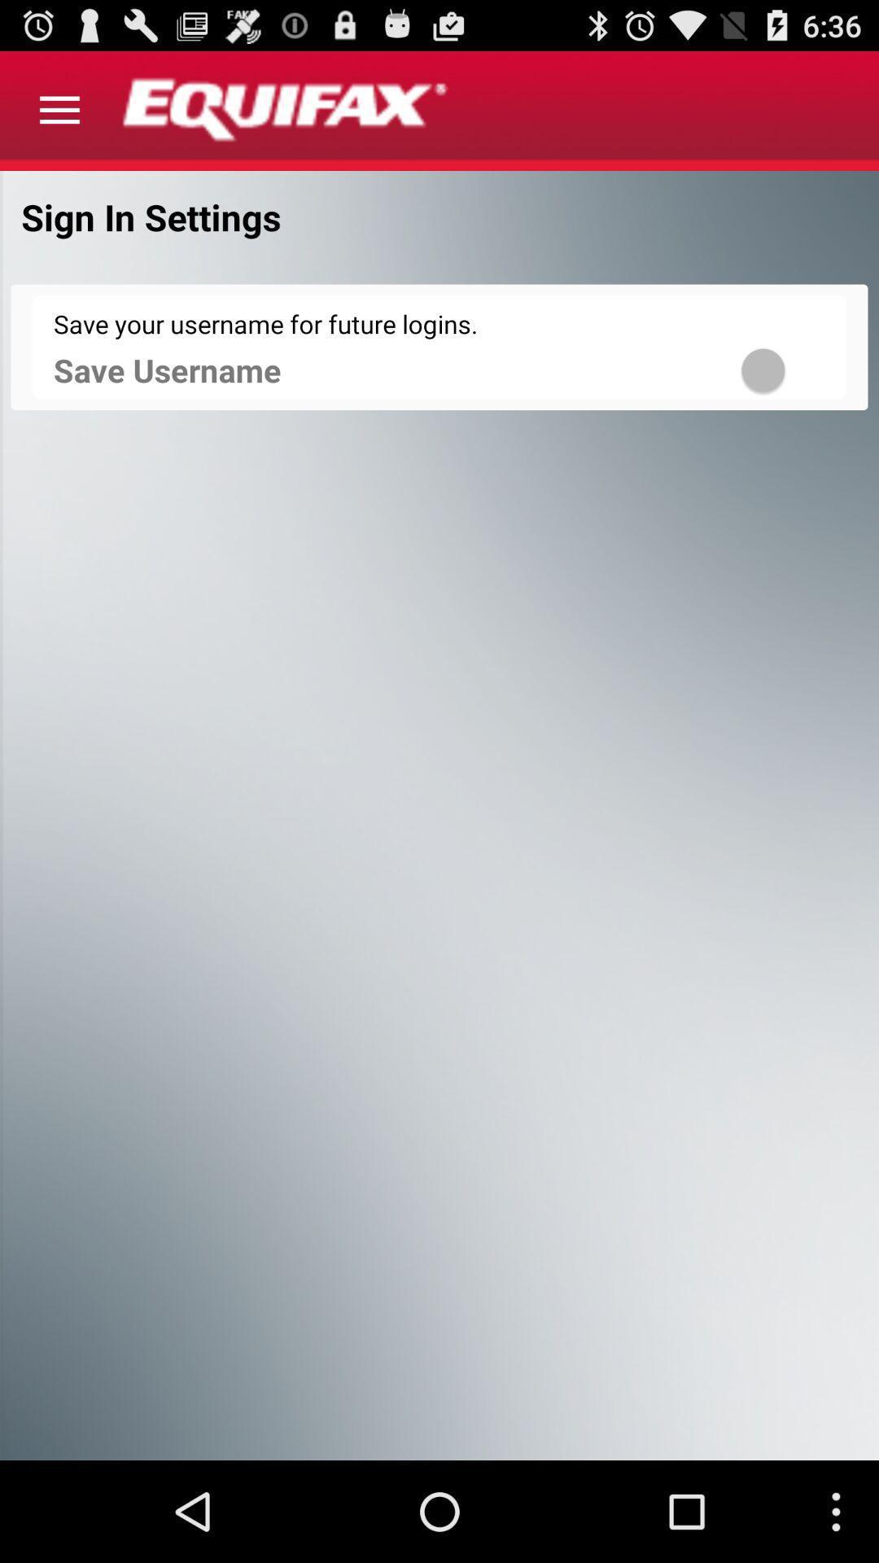  What do you see at coordinates (784, 369) in the screenshot?
I see `save username for login` at bounding box center [784, 369].